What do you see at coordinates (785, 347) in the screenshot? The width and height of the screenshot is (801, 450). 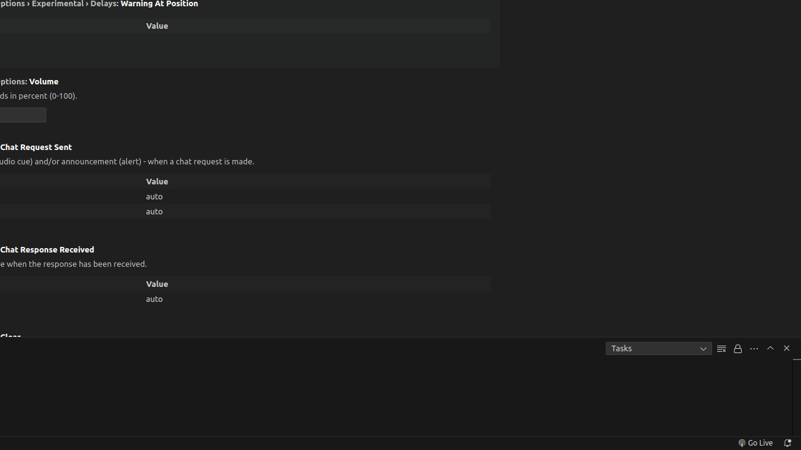 I see `'Hide Panel'` at bounding box center [785, 347].